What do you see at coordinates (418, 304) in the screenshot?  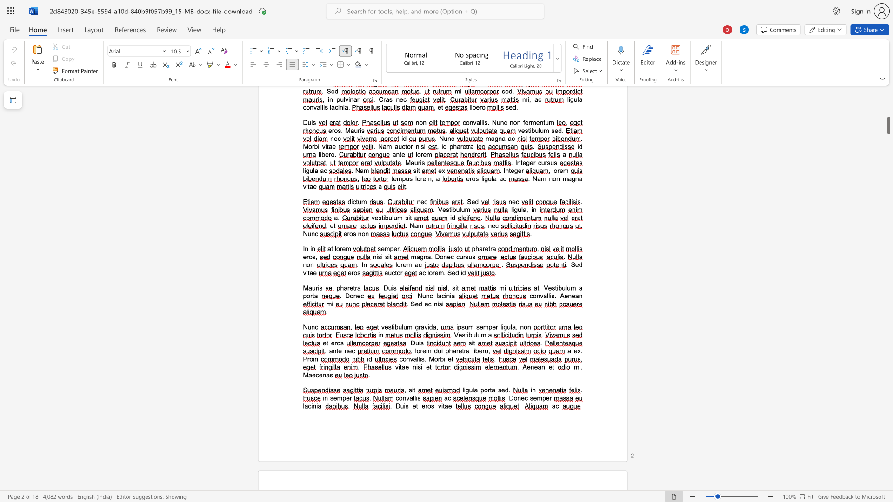 I see `the space between the continuous character "e" and "d" in the text` at bounding box center [418, 304].